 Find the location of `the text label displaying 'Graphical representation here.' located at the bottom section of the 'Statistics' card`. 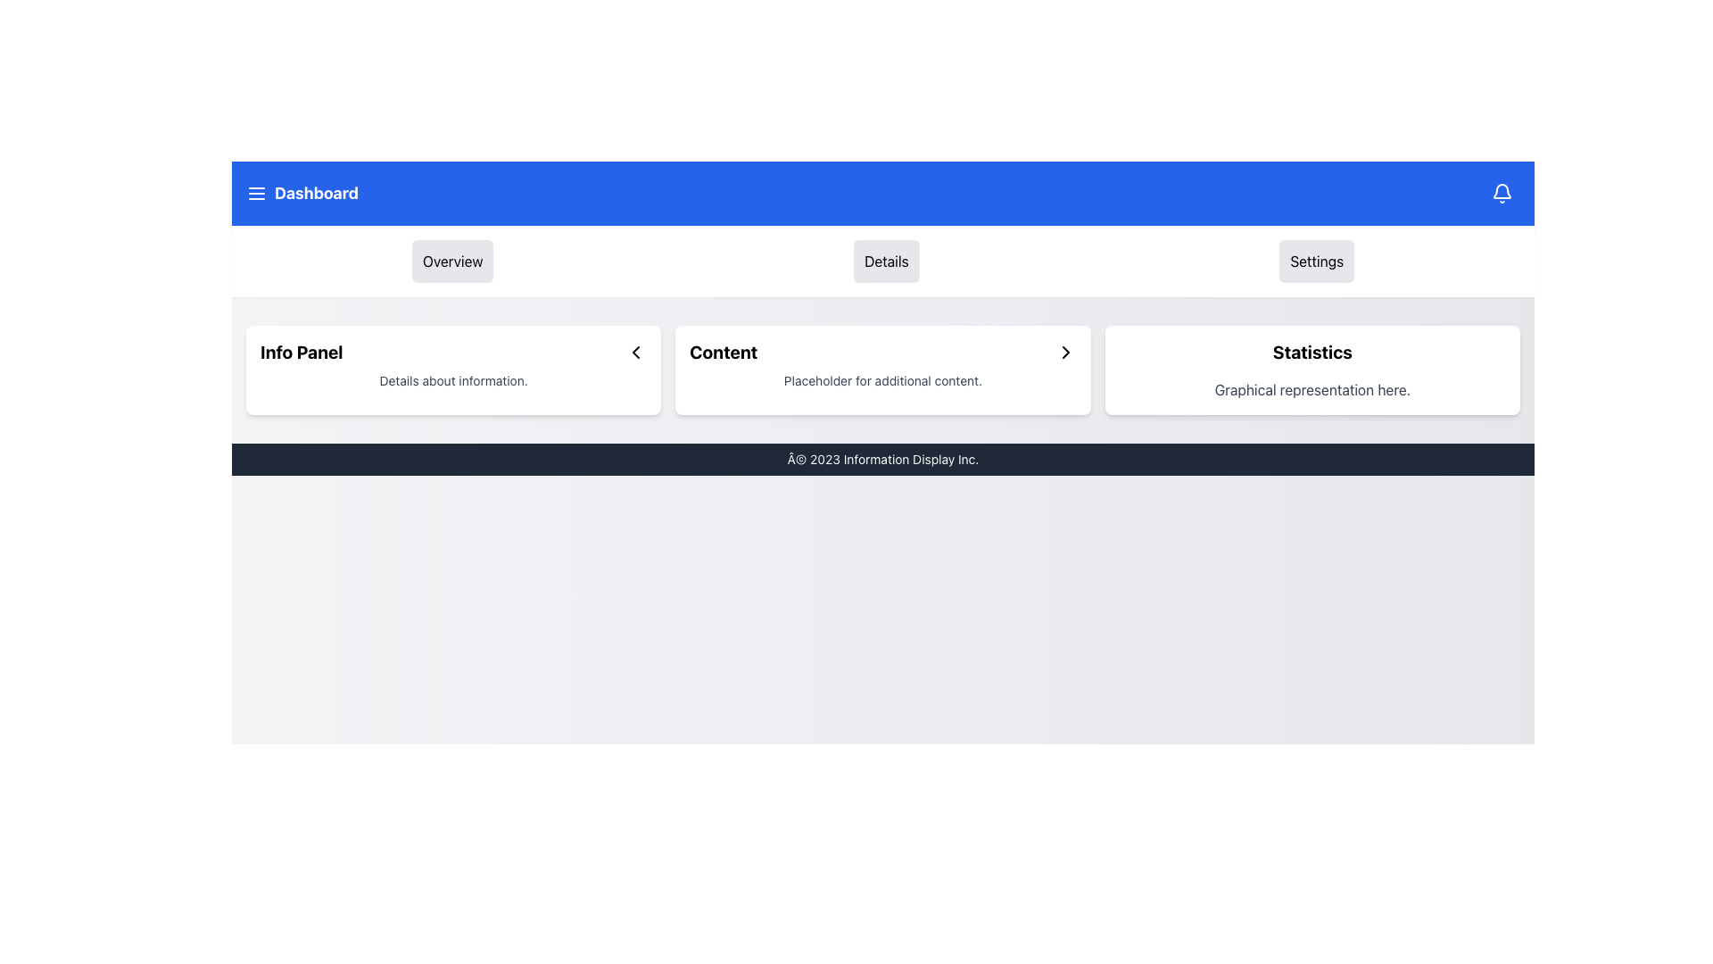

the text label displaying 'Graphical representation here.' located at the bottom section of the 'Statistics' card is located at coordinates (1312, 388).